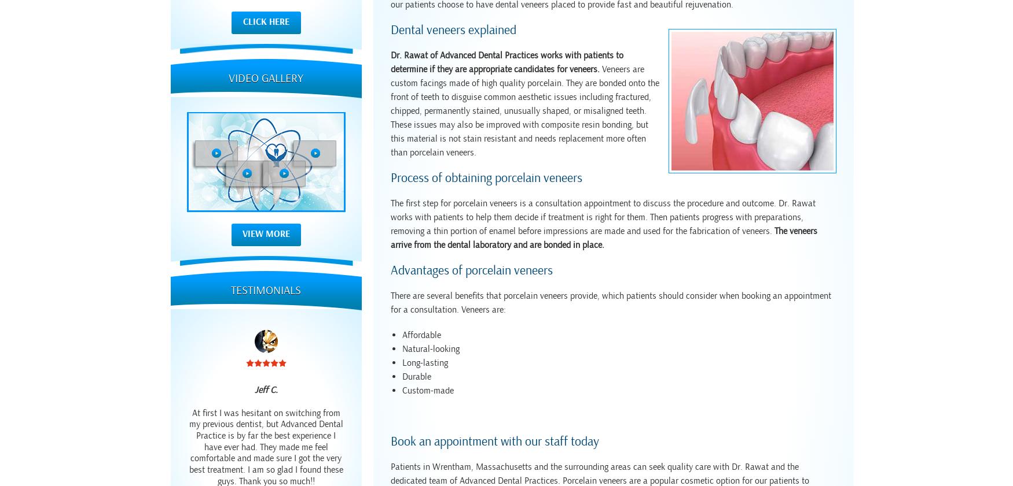 The width and height of the screenshot is (1013, 486). Describe the element at coordinates (603, 238) in the screenshot. I see `'The veneers arrive from the dental laboratory and are bonded in place.'` at that location.